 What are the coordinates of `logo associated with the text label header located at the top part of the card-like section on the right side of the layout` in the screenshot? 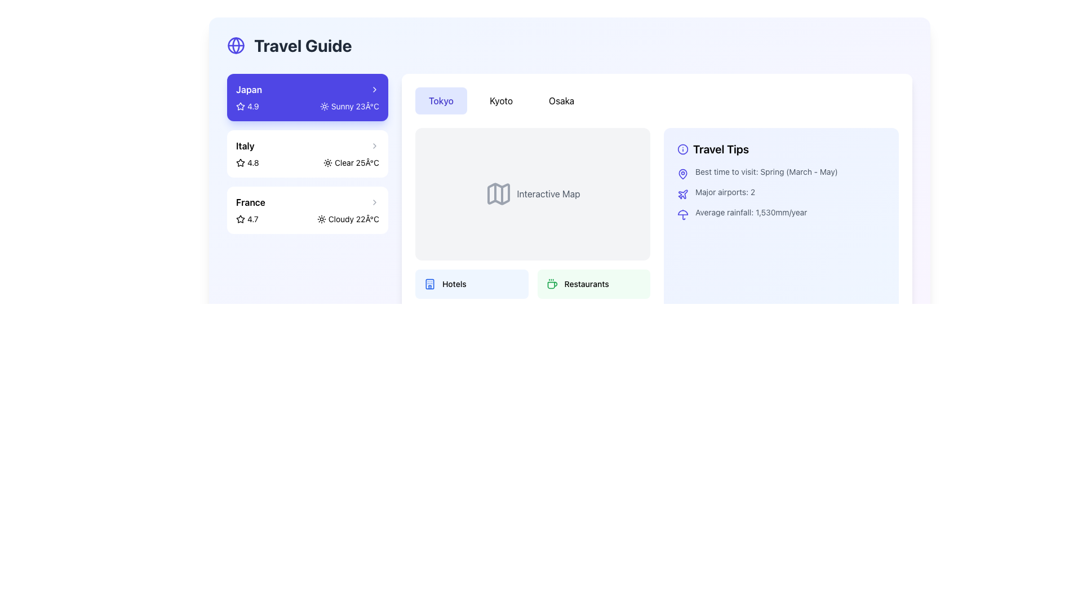 It's located at (781, 149).